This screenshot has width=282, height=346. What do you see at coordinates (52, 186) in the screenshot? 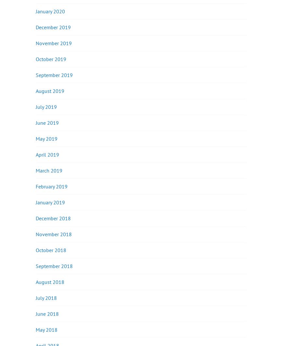
I see `'February 2019'` at bounding box center [52, 186].